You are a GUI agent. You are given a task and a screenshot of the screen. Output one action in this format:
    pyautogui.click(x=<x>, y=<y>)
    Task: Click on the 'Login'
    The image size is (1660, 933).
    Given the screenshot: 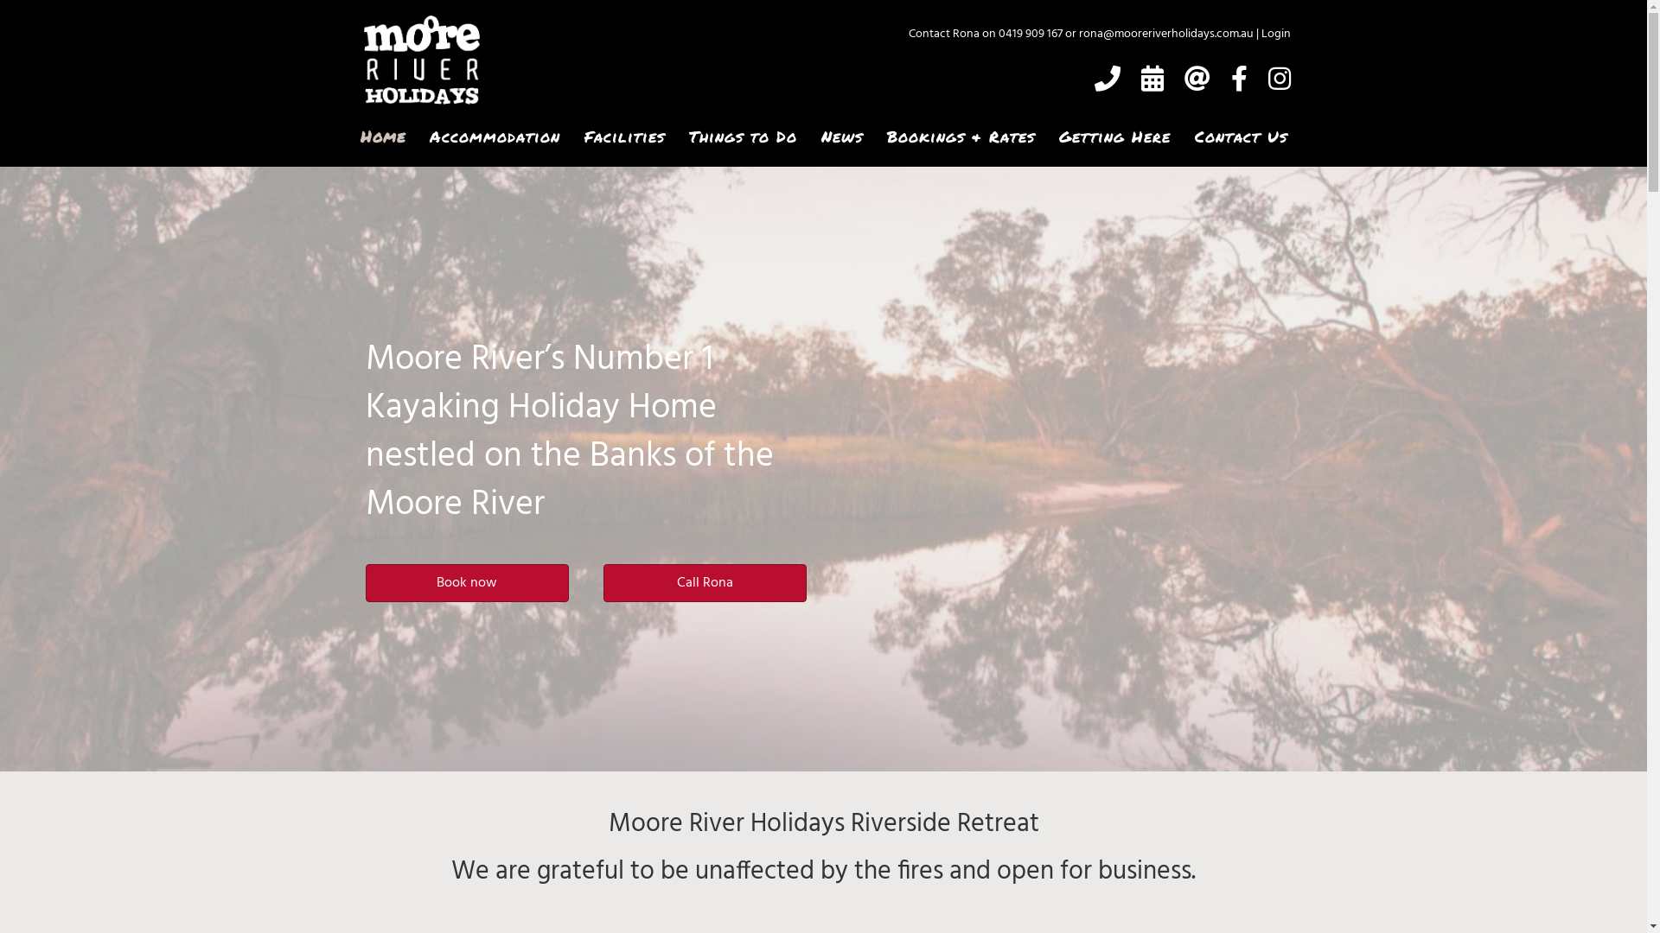 What is the action you would take?
    pyautogui.click(x=1274, y=34)
    